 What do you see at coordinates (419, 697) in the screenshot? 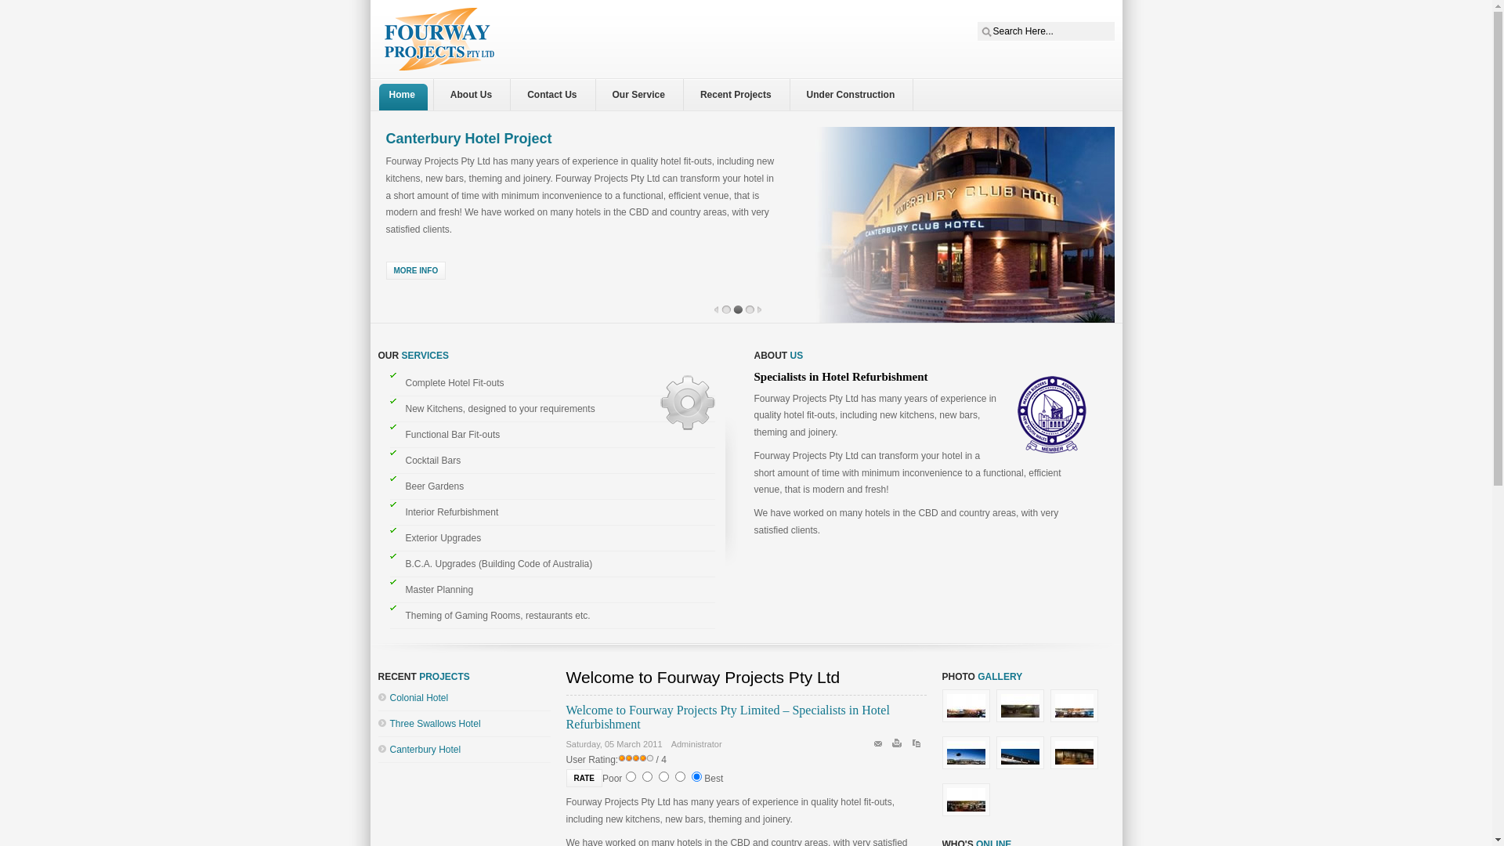
I see `'Colonial Hotel'` at bounding box center [419, 697].